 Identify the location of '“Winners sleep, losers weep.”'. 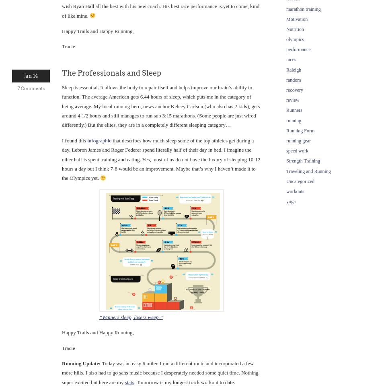
(131, 317).